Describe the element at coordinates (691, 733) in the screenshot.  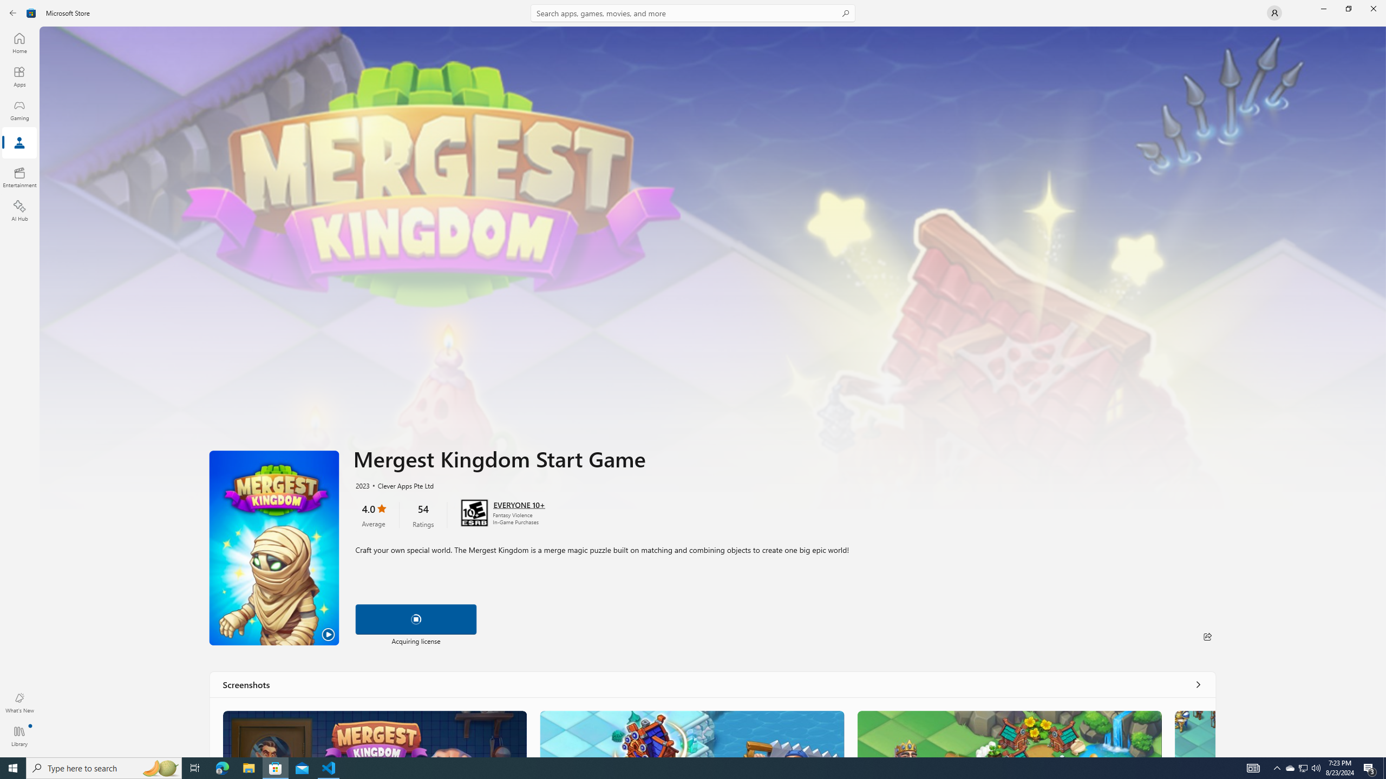
I see `'Screenshot 2'` at that location.